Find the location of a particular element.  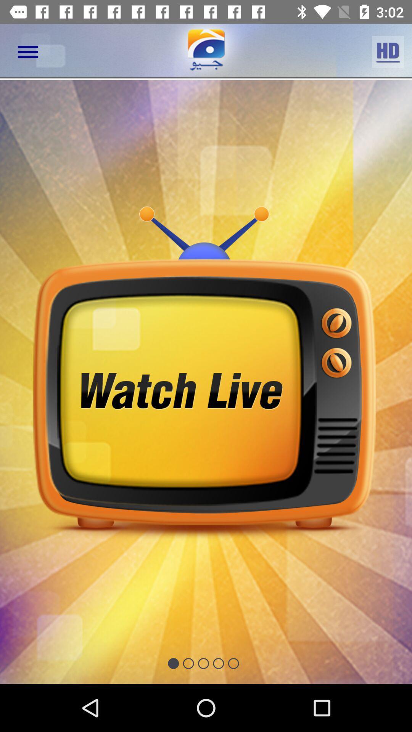

watch live video is located at coordinates (206, 382).